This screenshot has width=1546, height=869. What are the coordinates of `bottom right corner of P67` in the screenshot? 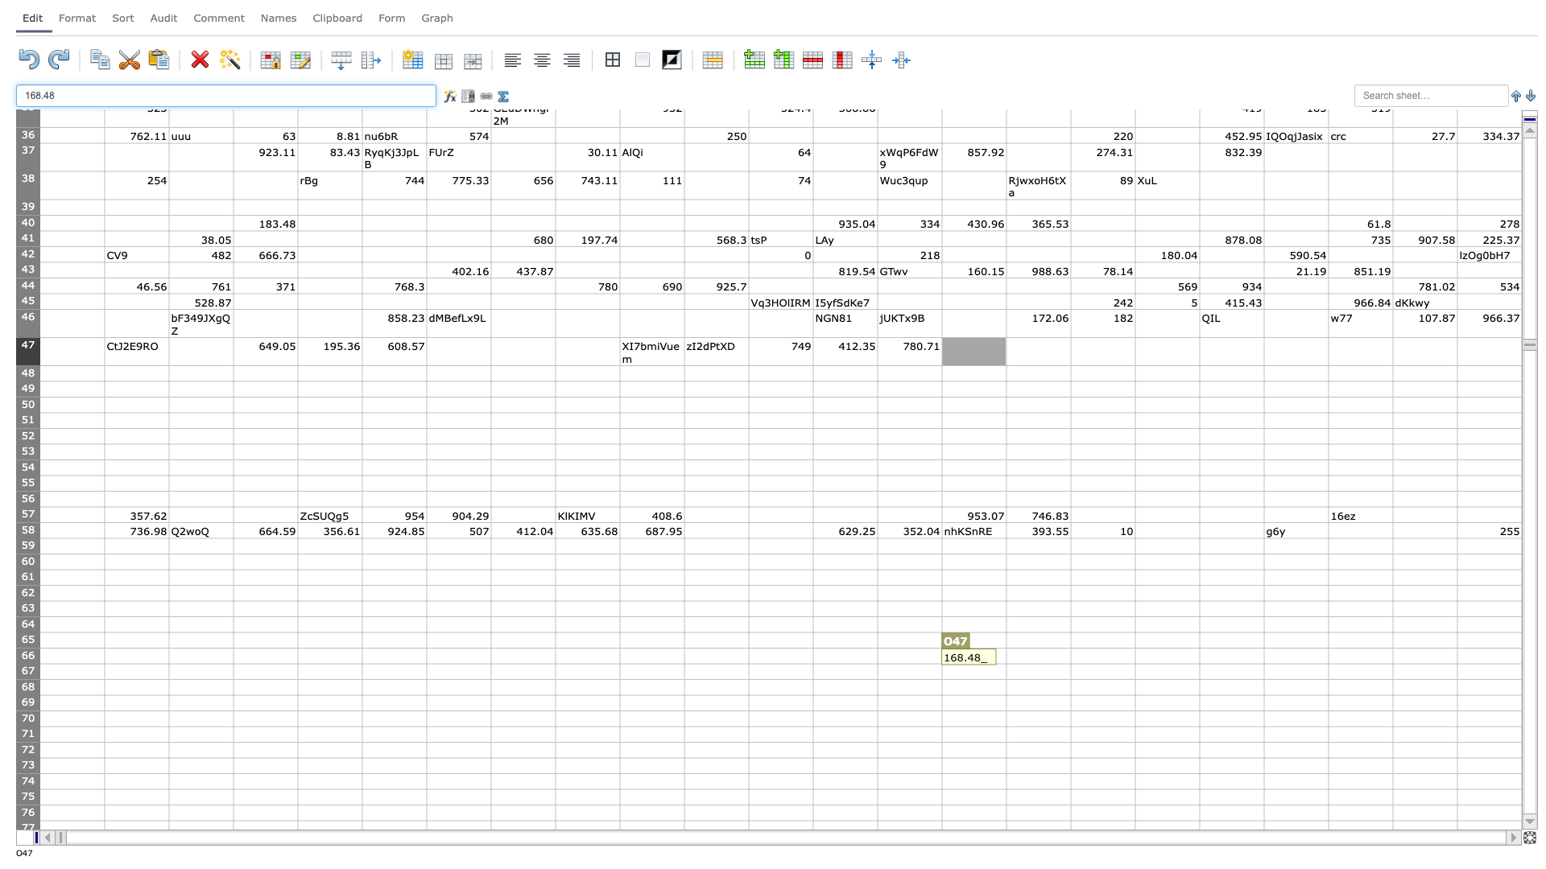 It's located at (1070, 679).